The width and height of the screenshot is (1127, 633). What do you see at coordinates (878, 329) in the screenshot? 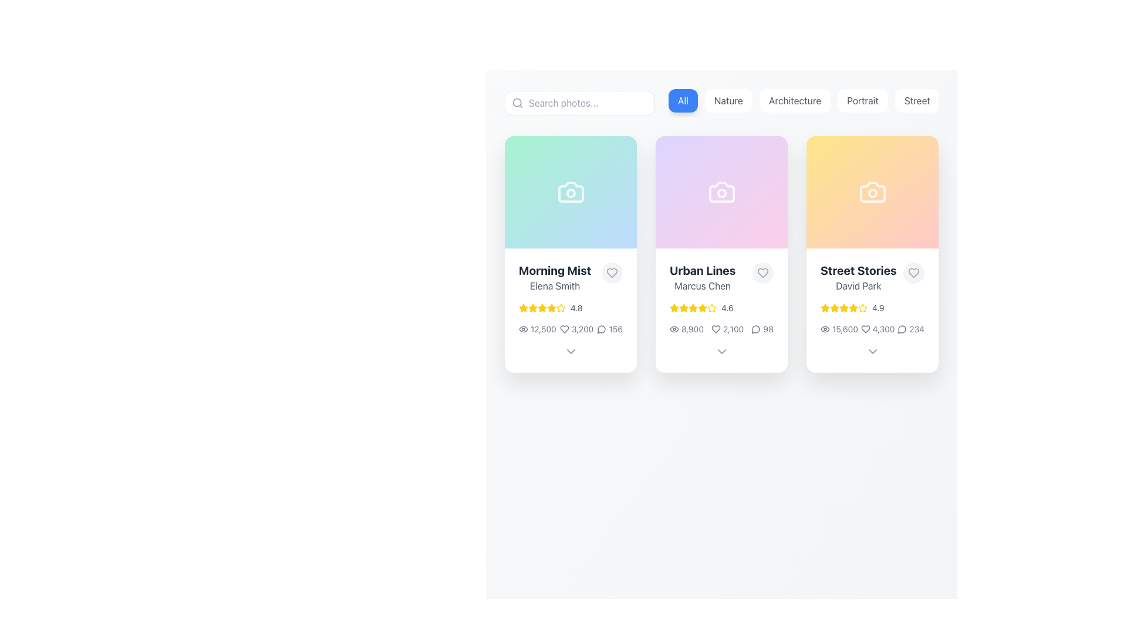
I see `the 'like counter' component featuring a heart icon and the numeric value '4,300', which is located within the 'Street Stories' card by 'David Park', positioned between the views count and comment count` at bounding box center [878, 329].